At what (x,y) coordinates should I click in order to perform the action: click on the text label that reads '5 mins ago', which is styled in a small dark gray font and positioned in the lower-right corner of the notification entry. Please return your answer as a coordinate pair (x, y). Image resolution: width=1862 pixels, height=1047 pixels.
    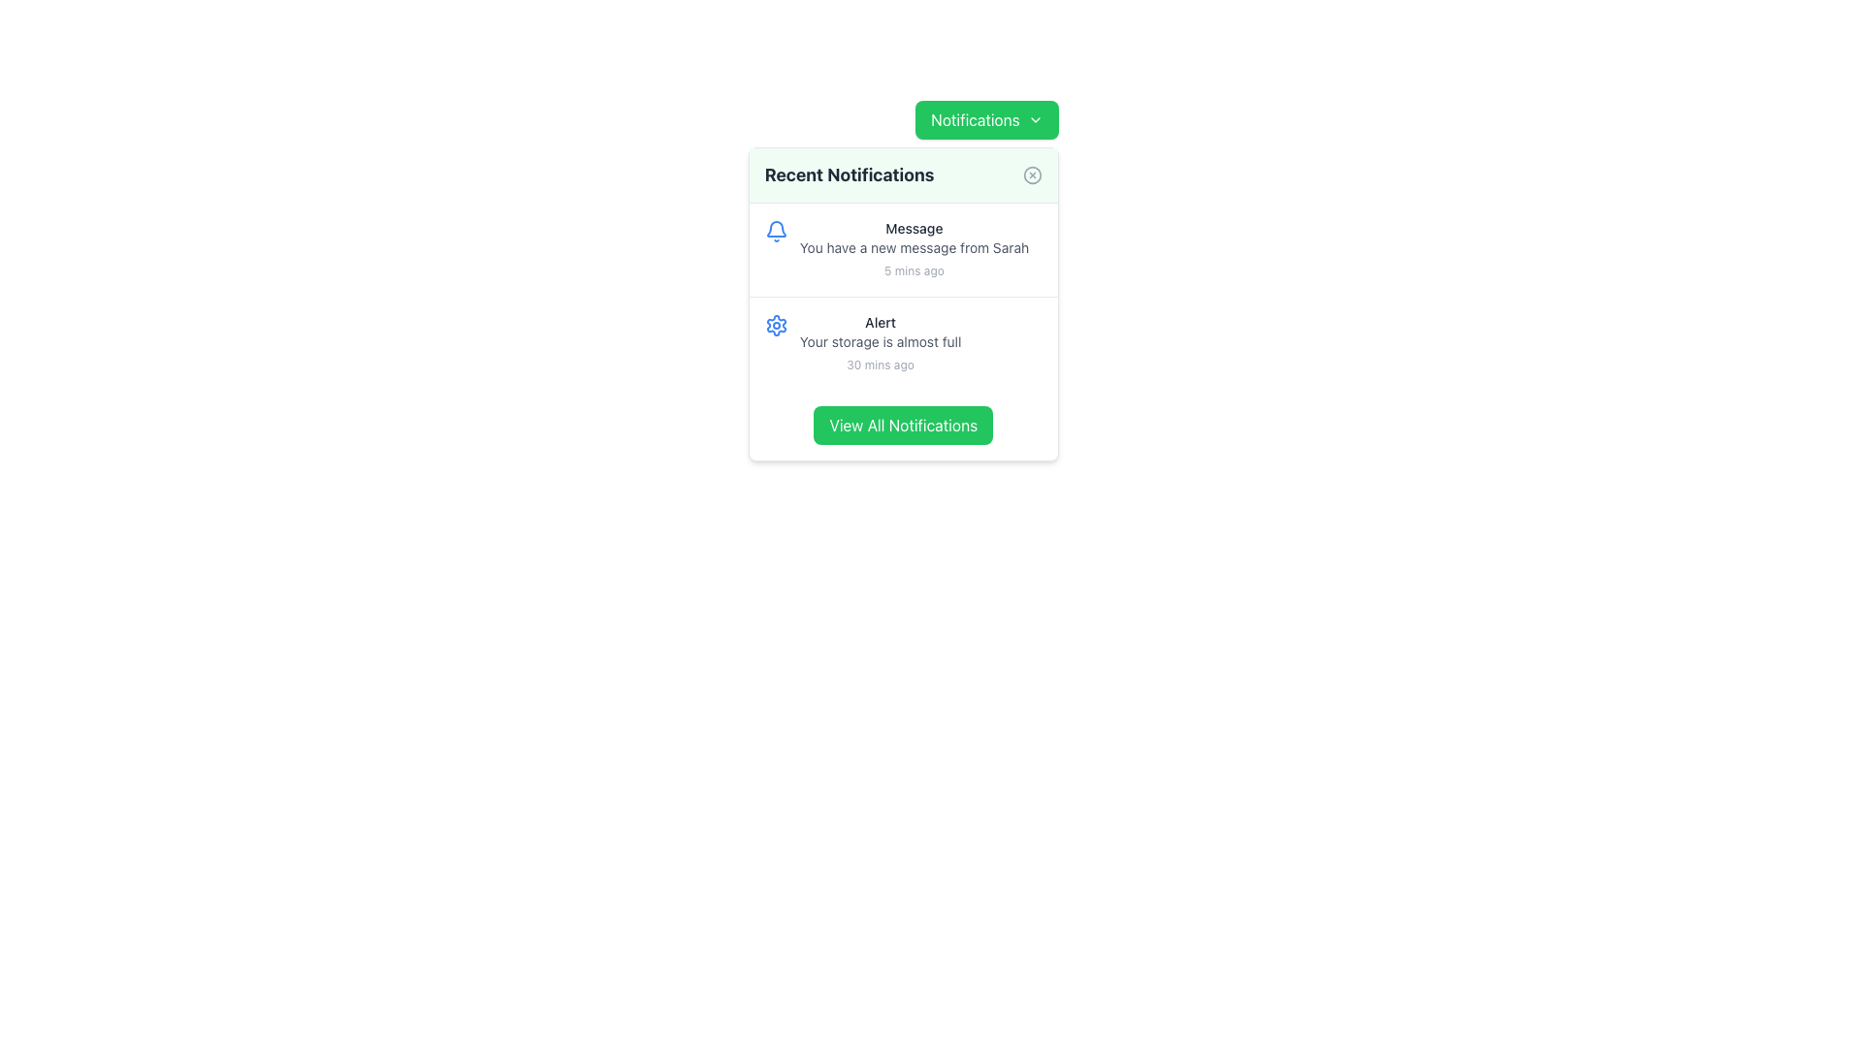
    Looking at the image, I should click on (913, 270).